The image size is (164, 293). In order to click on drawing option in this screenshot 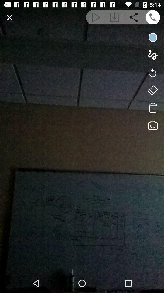, I will do `click(152, 55)`.